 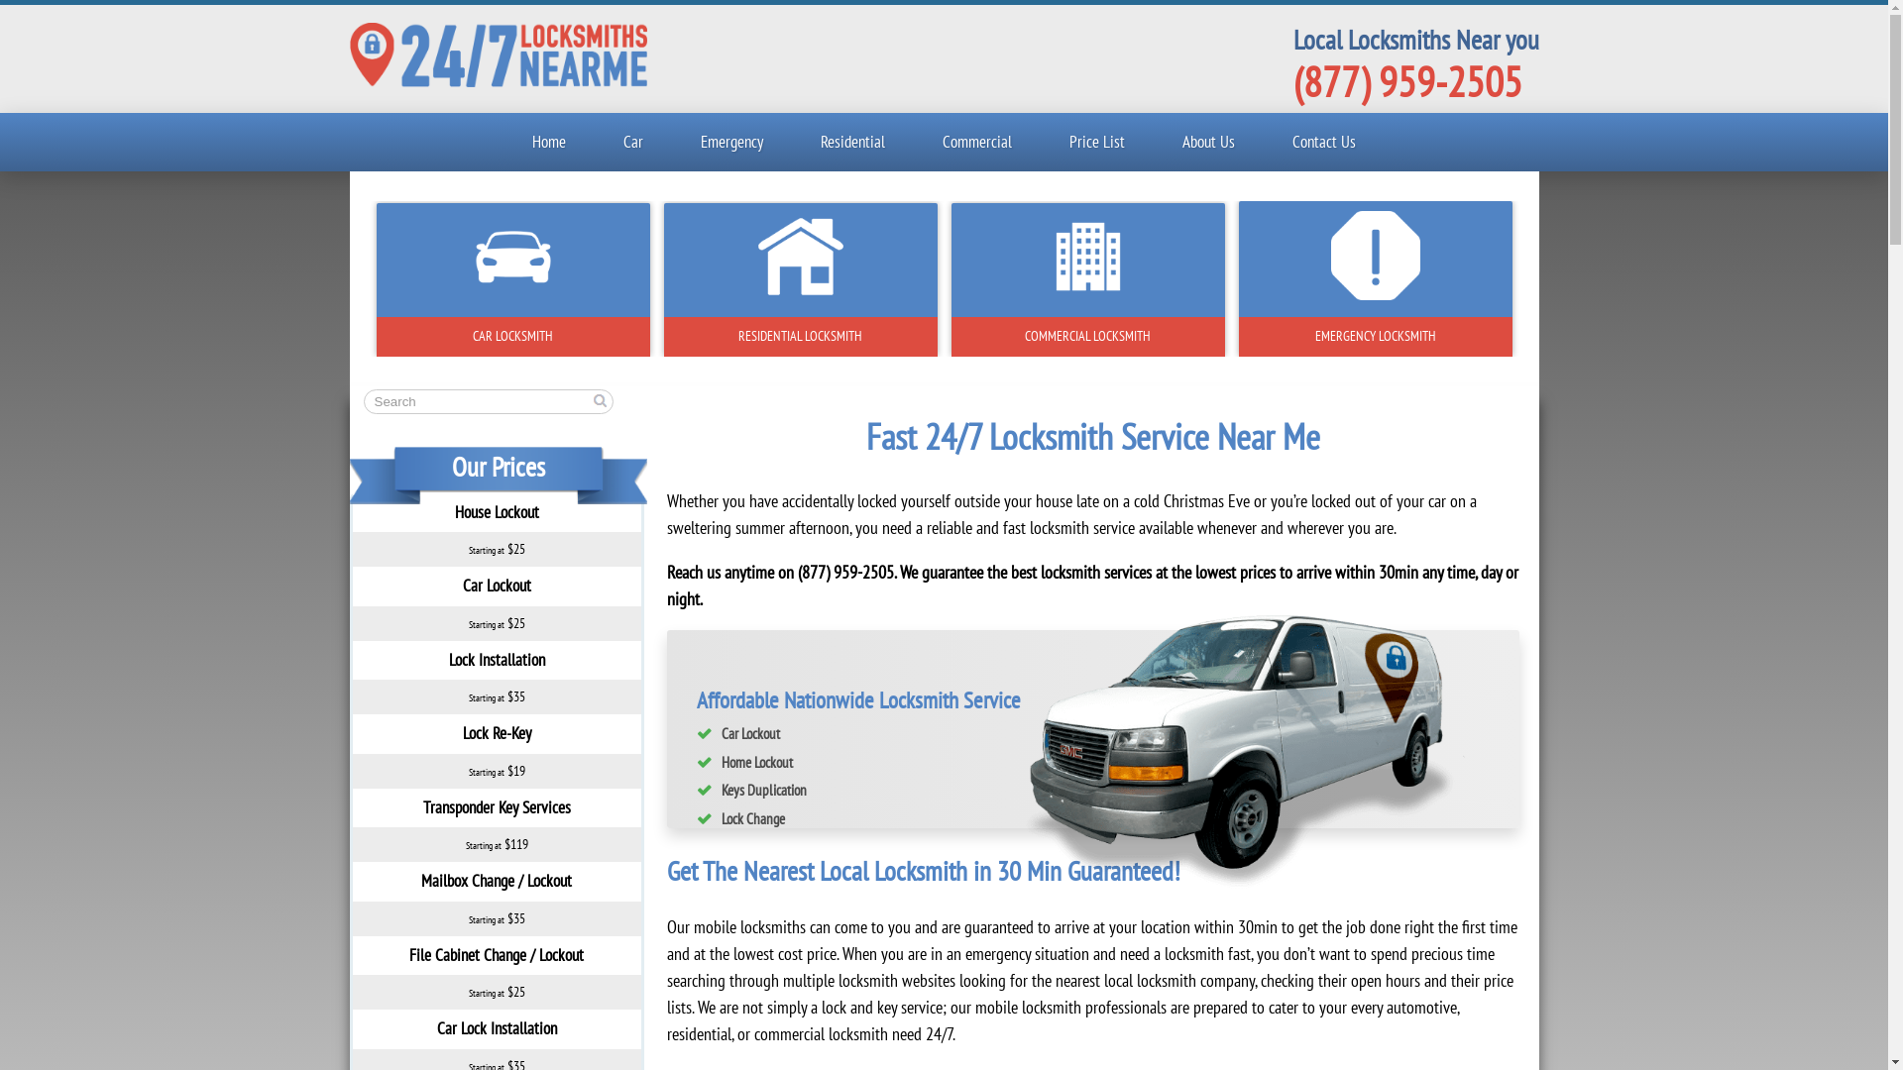 I want to click on 'Car', so click(x=631, y=141).